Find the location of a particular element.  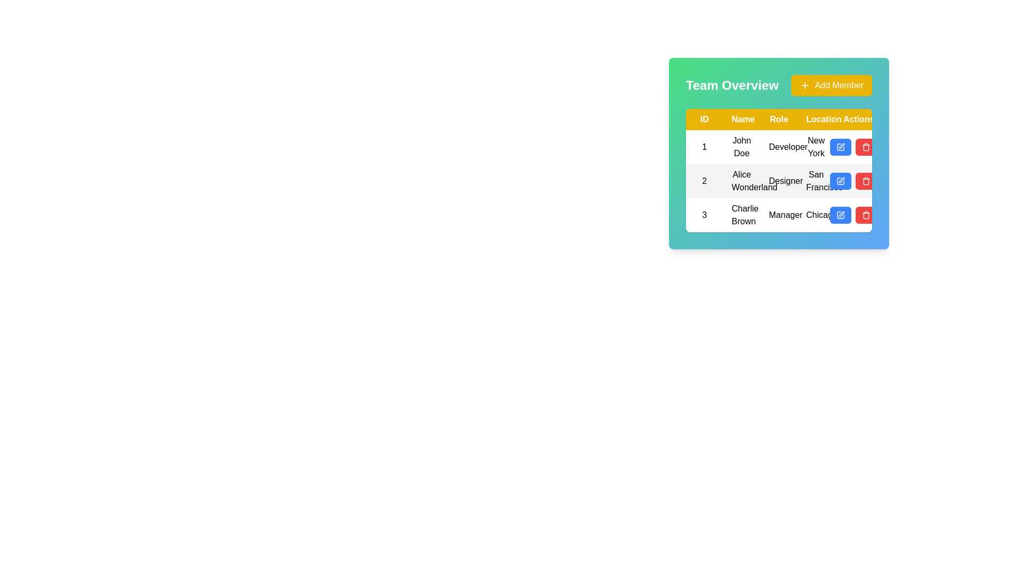

the table header labeled 'Name', which is the second header in the row, located between 'ID' and 'Role', with a bright yellow background and white text is located at coordinates (741, 119).